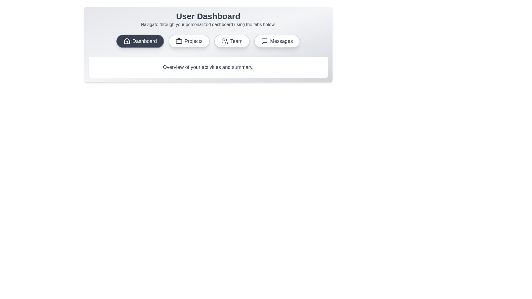  Describe the element at coordinates (232, 41) in the screenshot. I see `the tab corresponding to Team` at that location.